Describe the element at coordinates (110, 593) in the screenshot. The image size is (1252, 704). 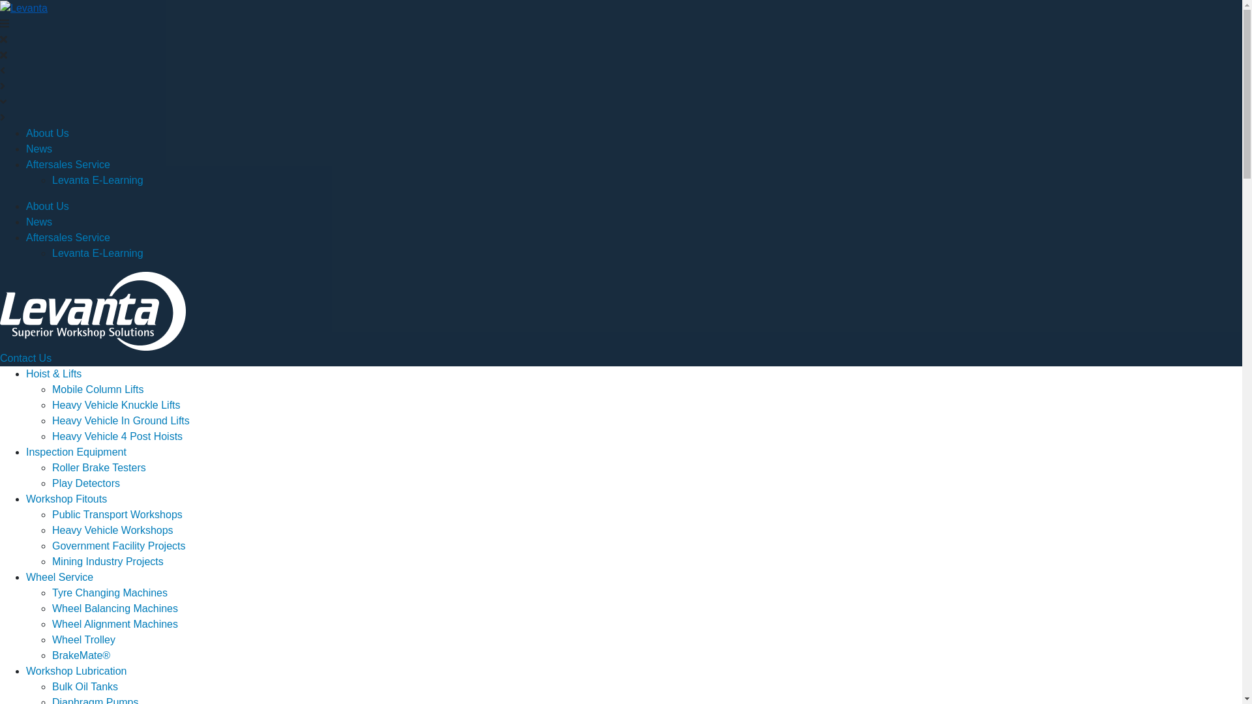
I see `'Tyre Changing Machines'` at that location.